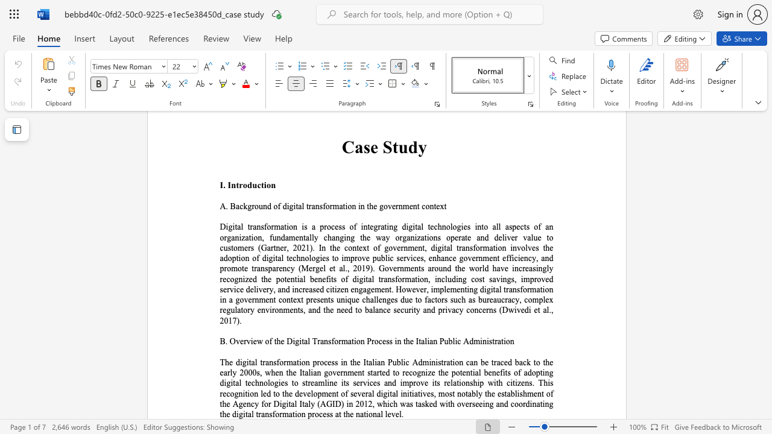 Image resolution: width=772 pixels, height=434 pixels. I want to click on the subset text "gnition led to the development of several digital initiatives, most notably the establishment of the Ag" within the text "The digital transformation process in the Italian Public Administration can be traced back to the early 2000s, when the Italian government started to recognize the potential benefits of adopting digital technologies to streamline its services and improve its relationship with citizens. This recognition led to the development of several digital initiatives, most notably the establishment of the Agency for Digital Italy (AGID) in 2012, which was tasked with overseeing and coordinating the digital transformati", so click(234, 394).